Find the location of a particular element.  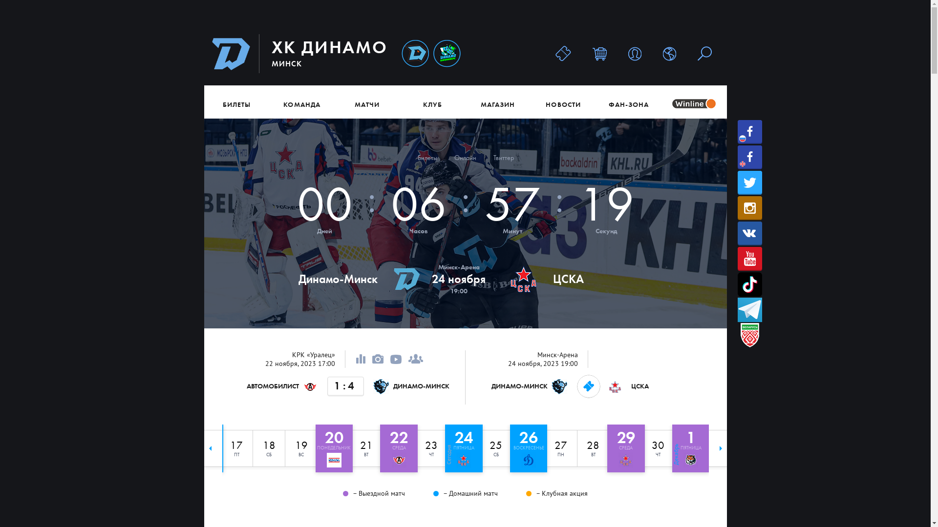

'Twitter' is located at coordinates (749, 182).